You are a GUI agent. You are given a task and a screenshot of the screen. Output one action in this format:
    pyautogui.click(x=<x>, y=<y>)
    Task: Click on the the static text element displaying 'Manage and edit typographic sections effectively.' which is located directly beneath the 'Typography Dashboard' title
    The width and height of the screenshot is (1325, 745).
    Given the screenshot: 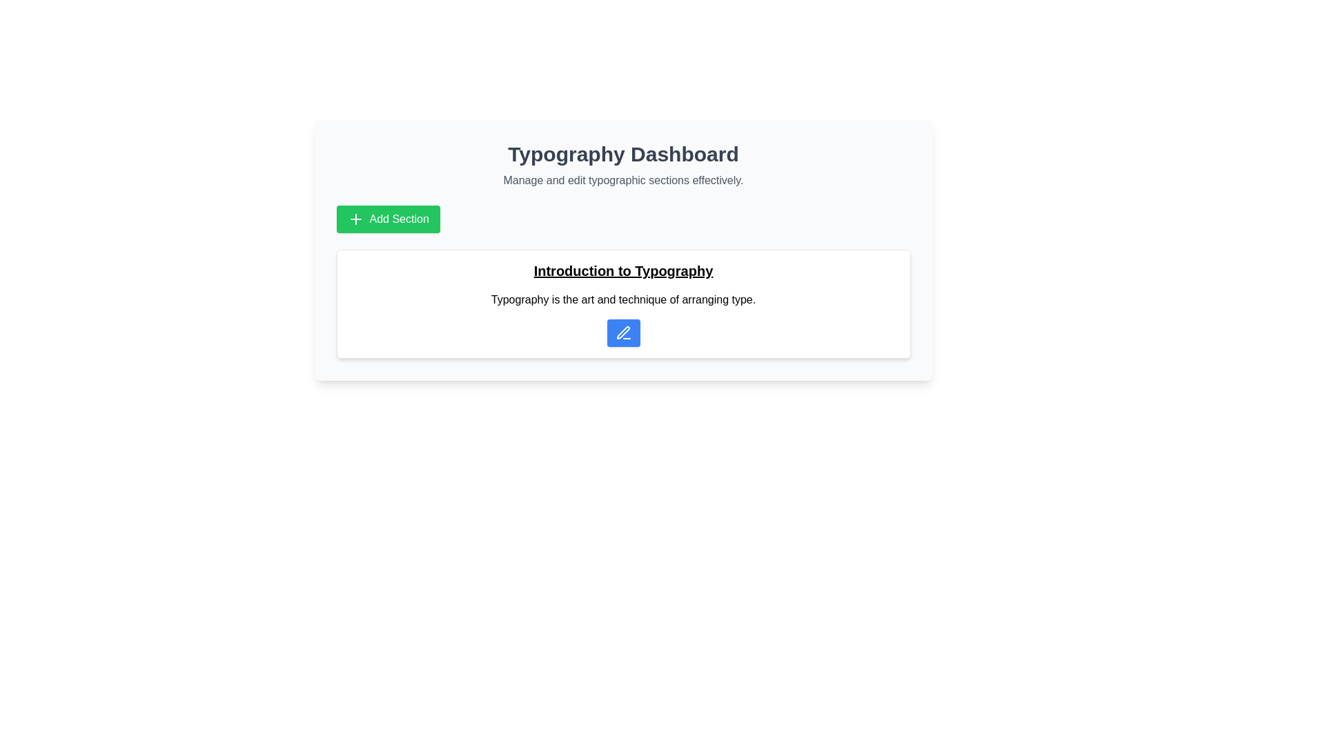 What is the action you would take?
    pyautogui.click(x=622, y=180)
    